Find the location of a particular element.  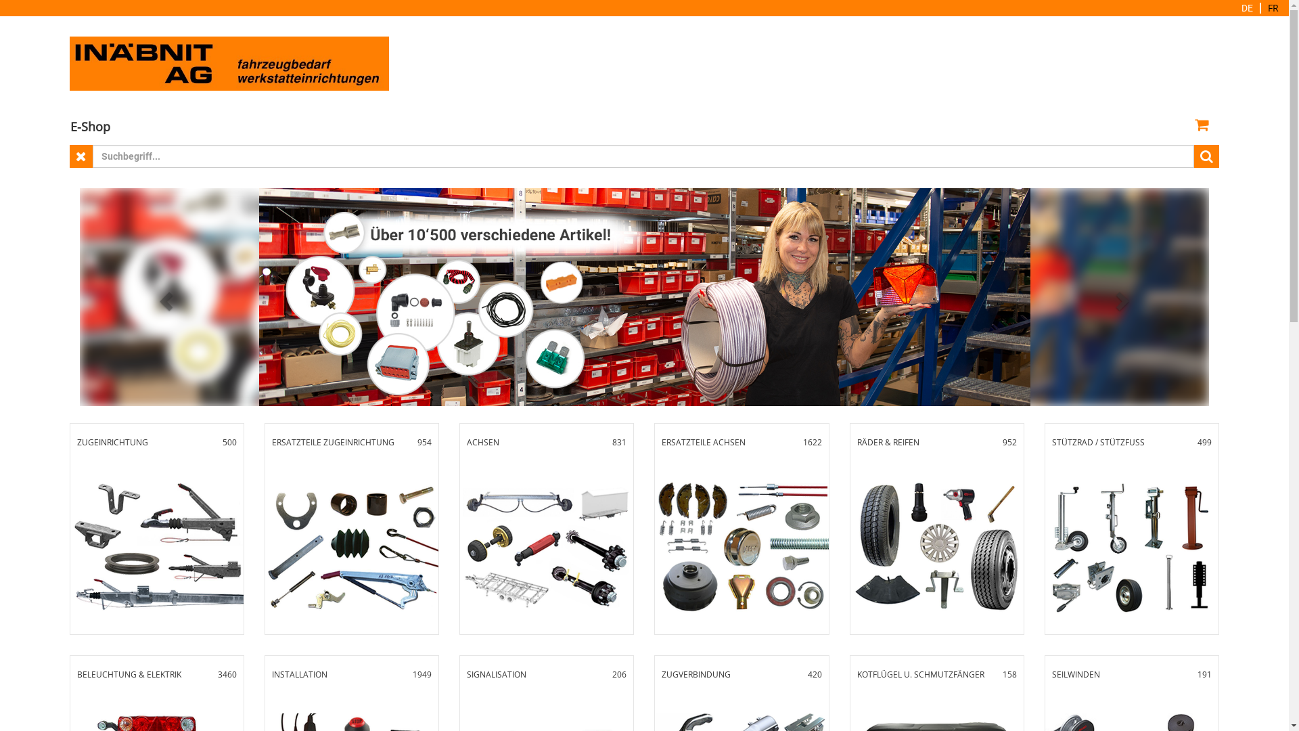

'FR' is located at coordinates (1272, 7).